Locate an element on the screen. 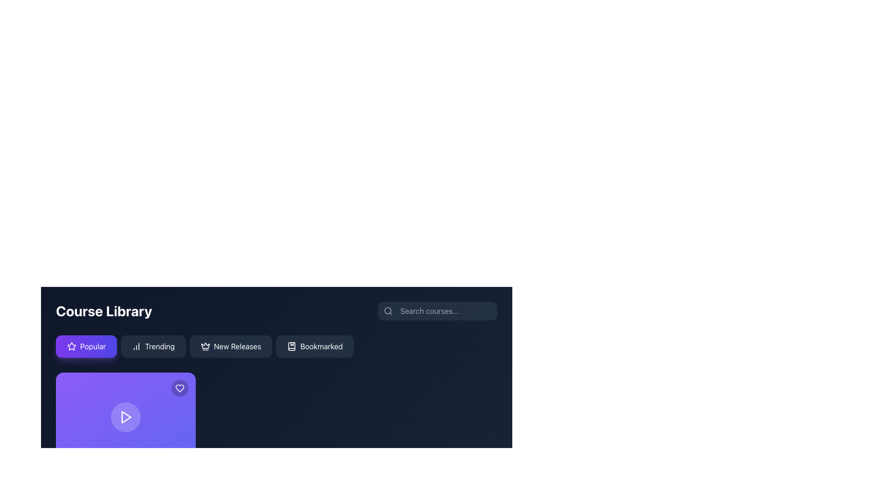 This screenshot has width=895, height=503. the 'Trending' button, which features a small bar chart icon and bold white text on a muted slate blue background is located at coordinates (153, 347).